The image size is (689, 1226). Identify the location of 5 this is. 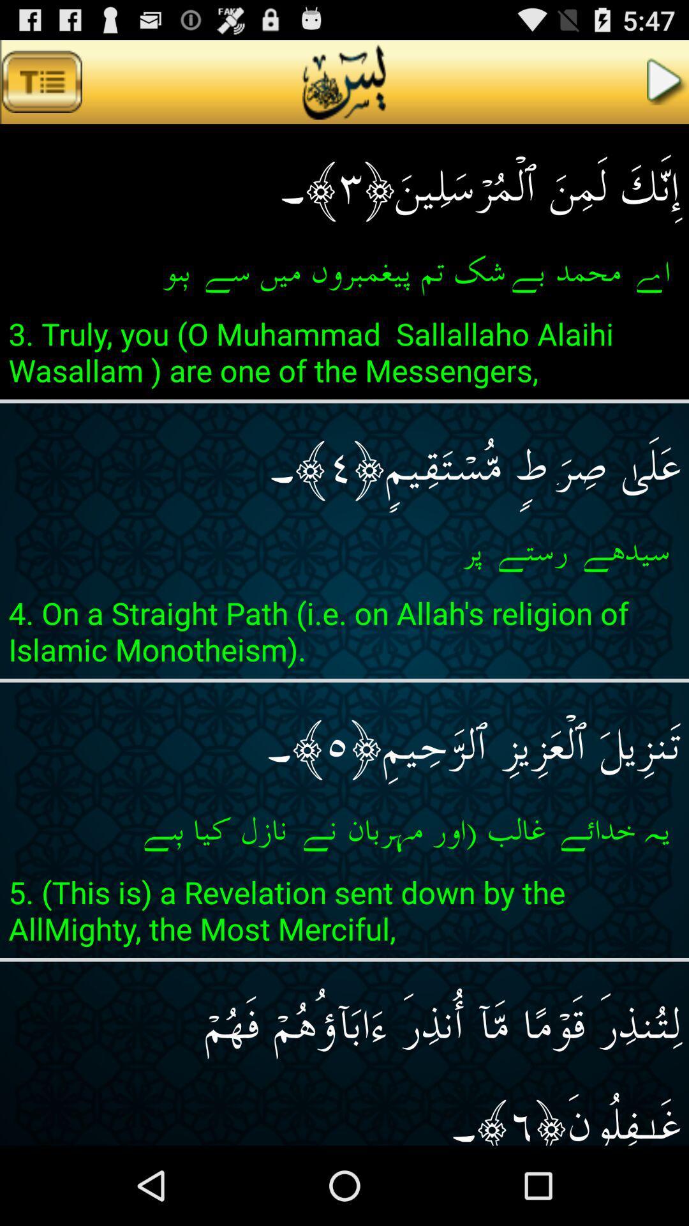
(344, 914).